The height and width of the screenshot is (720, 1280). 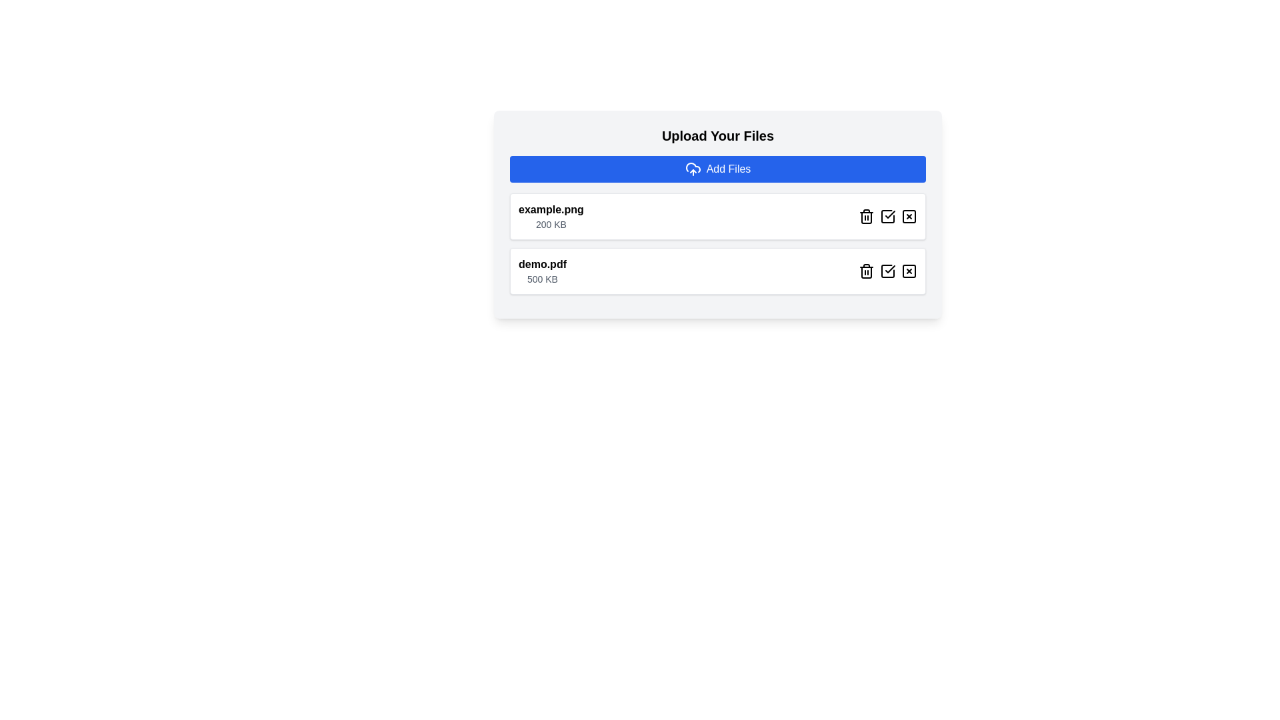 I want to click on the file name 'demo.pdf' displayed in bold font, which is the second item in the file listing interface, so click(x=543, y=271).